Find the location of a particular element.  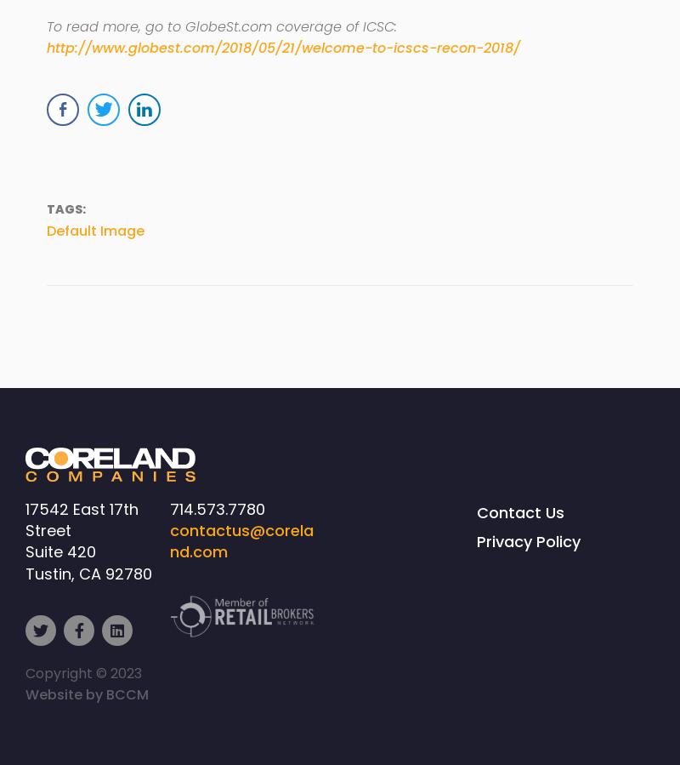

'Suite 420' is located at coordinates (25, 551).